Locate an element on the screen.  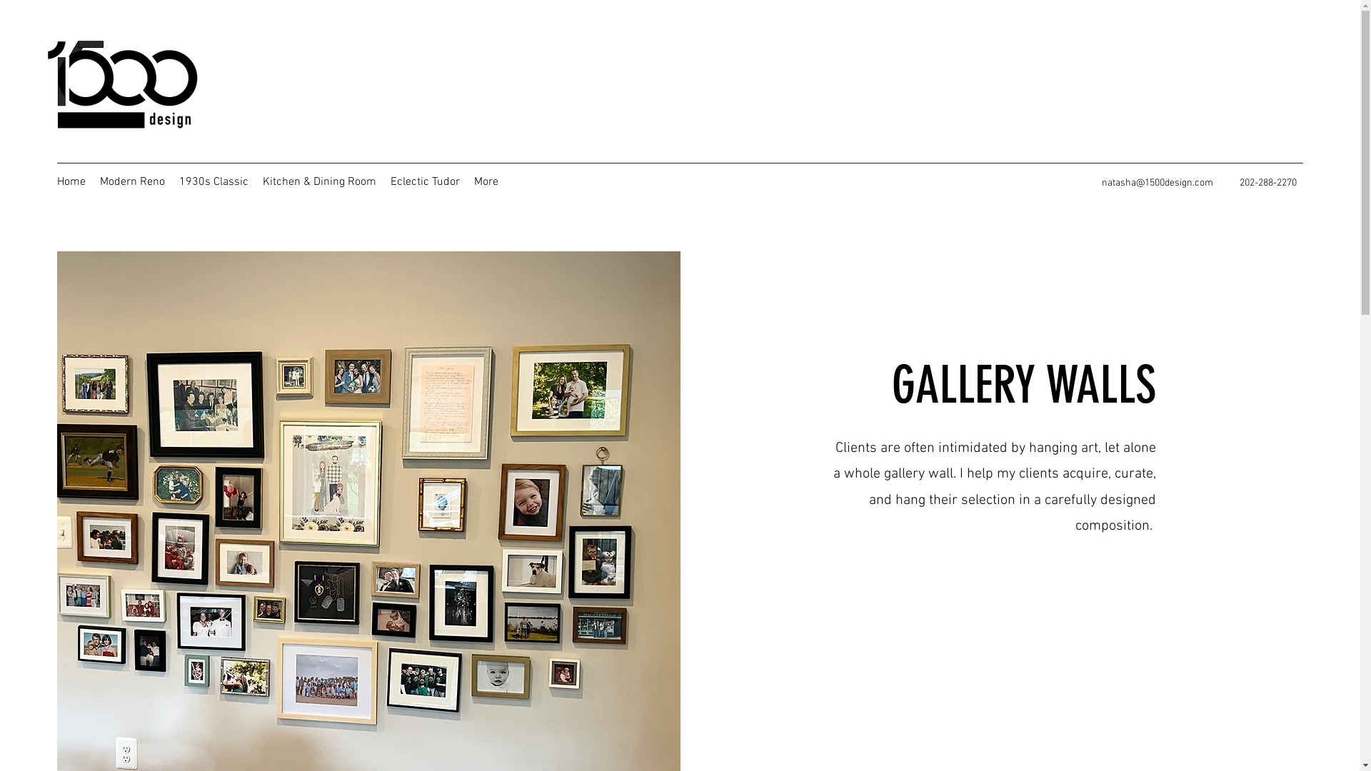
'natasha@1500design.com' is located at coordinates (1157, 182).